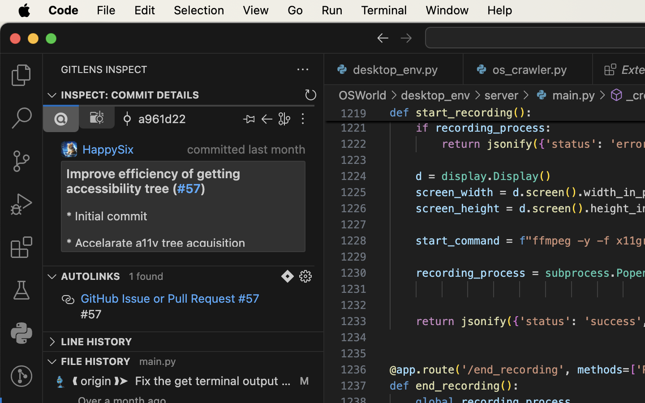  I want to click on '', so click(616, 95).